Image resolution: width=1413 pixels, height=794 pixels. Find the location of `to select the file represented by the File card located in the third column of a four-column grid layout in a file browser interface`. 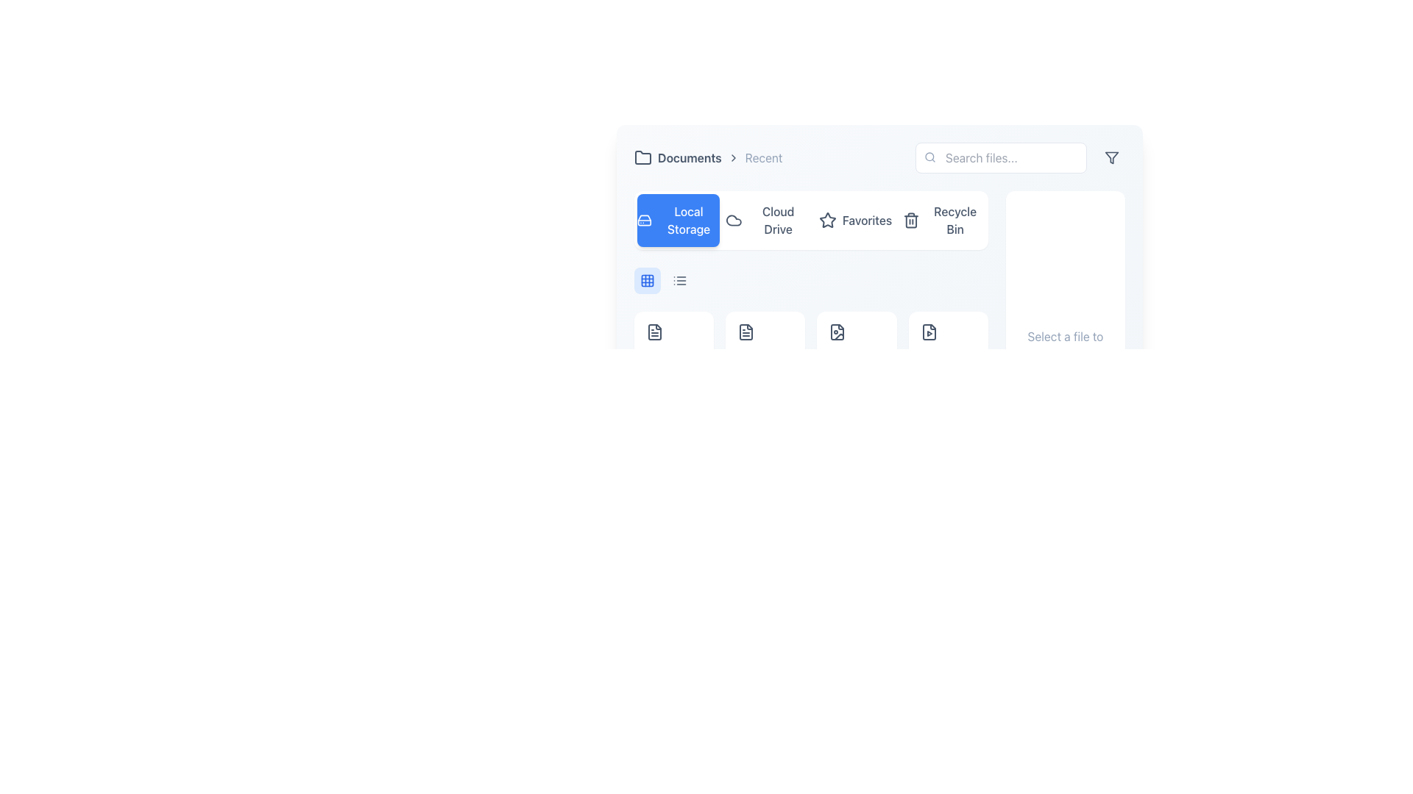

to select the file represented by the File card located in the third column of a four-column grid layout in a file browser interface is located at coordinates (857, 355).